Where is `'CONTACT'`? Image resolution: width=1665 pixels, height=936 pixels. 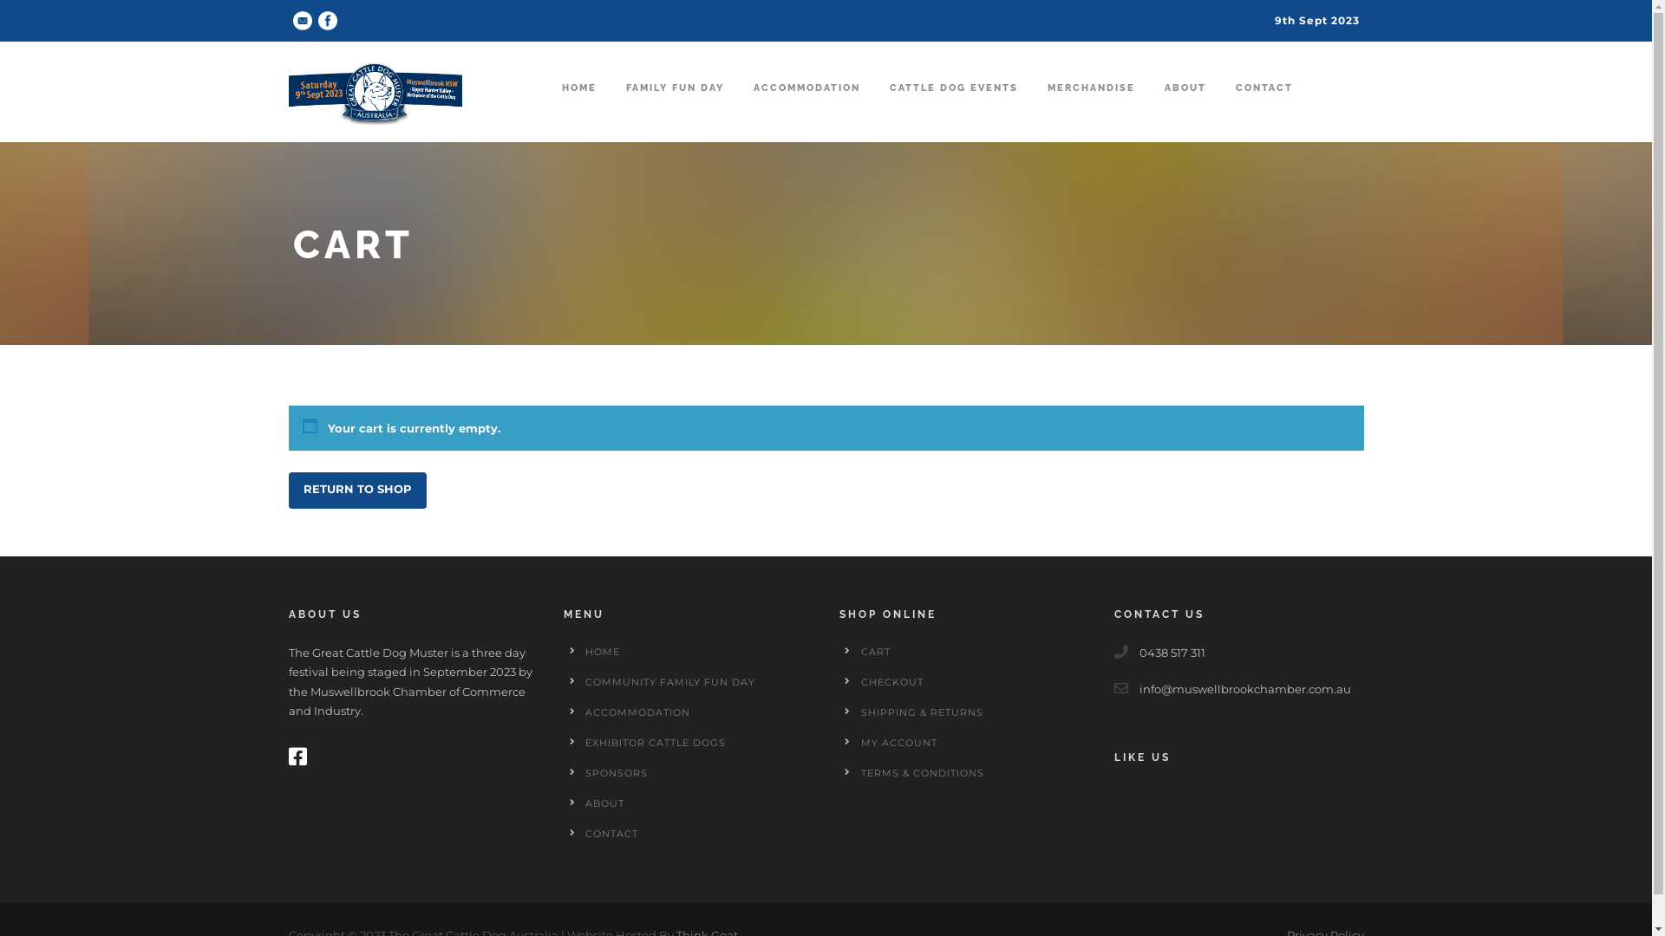 'CONTACT' is located at coordinates (611, 832).